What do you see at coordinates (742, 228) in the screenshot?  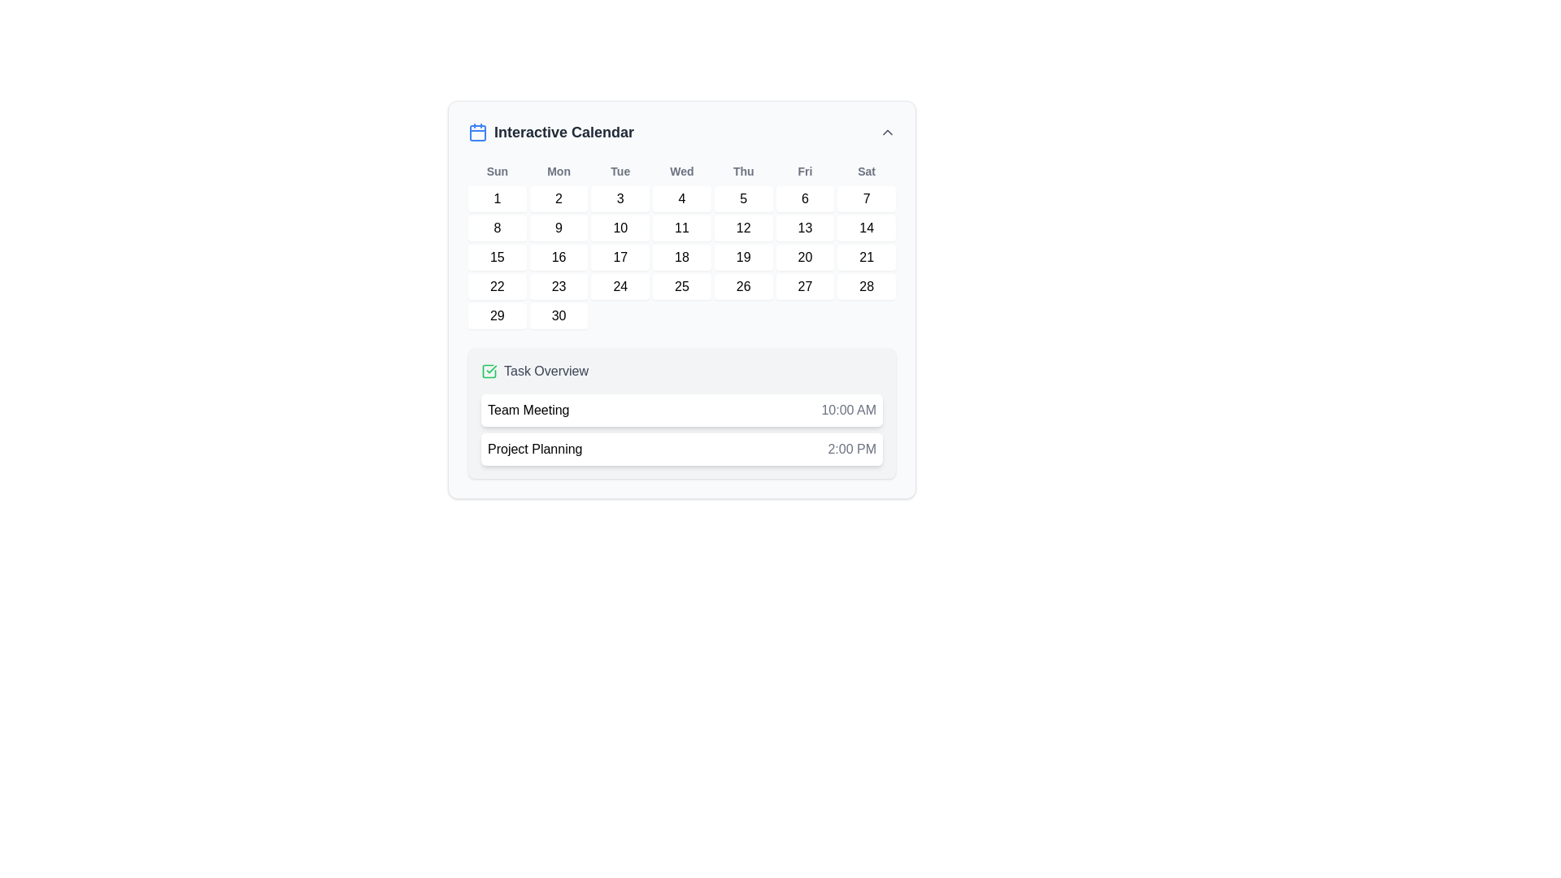 I see `to select the date represented by the button for the 12th in the calendar interface, located in the second row and fifth column of the grid layout` at bounding box center [742, 228].